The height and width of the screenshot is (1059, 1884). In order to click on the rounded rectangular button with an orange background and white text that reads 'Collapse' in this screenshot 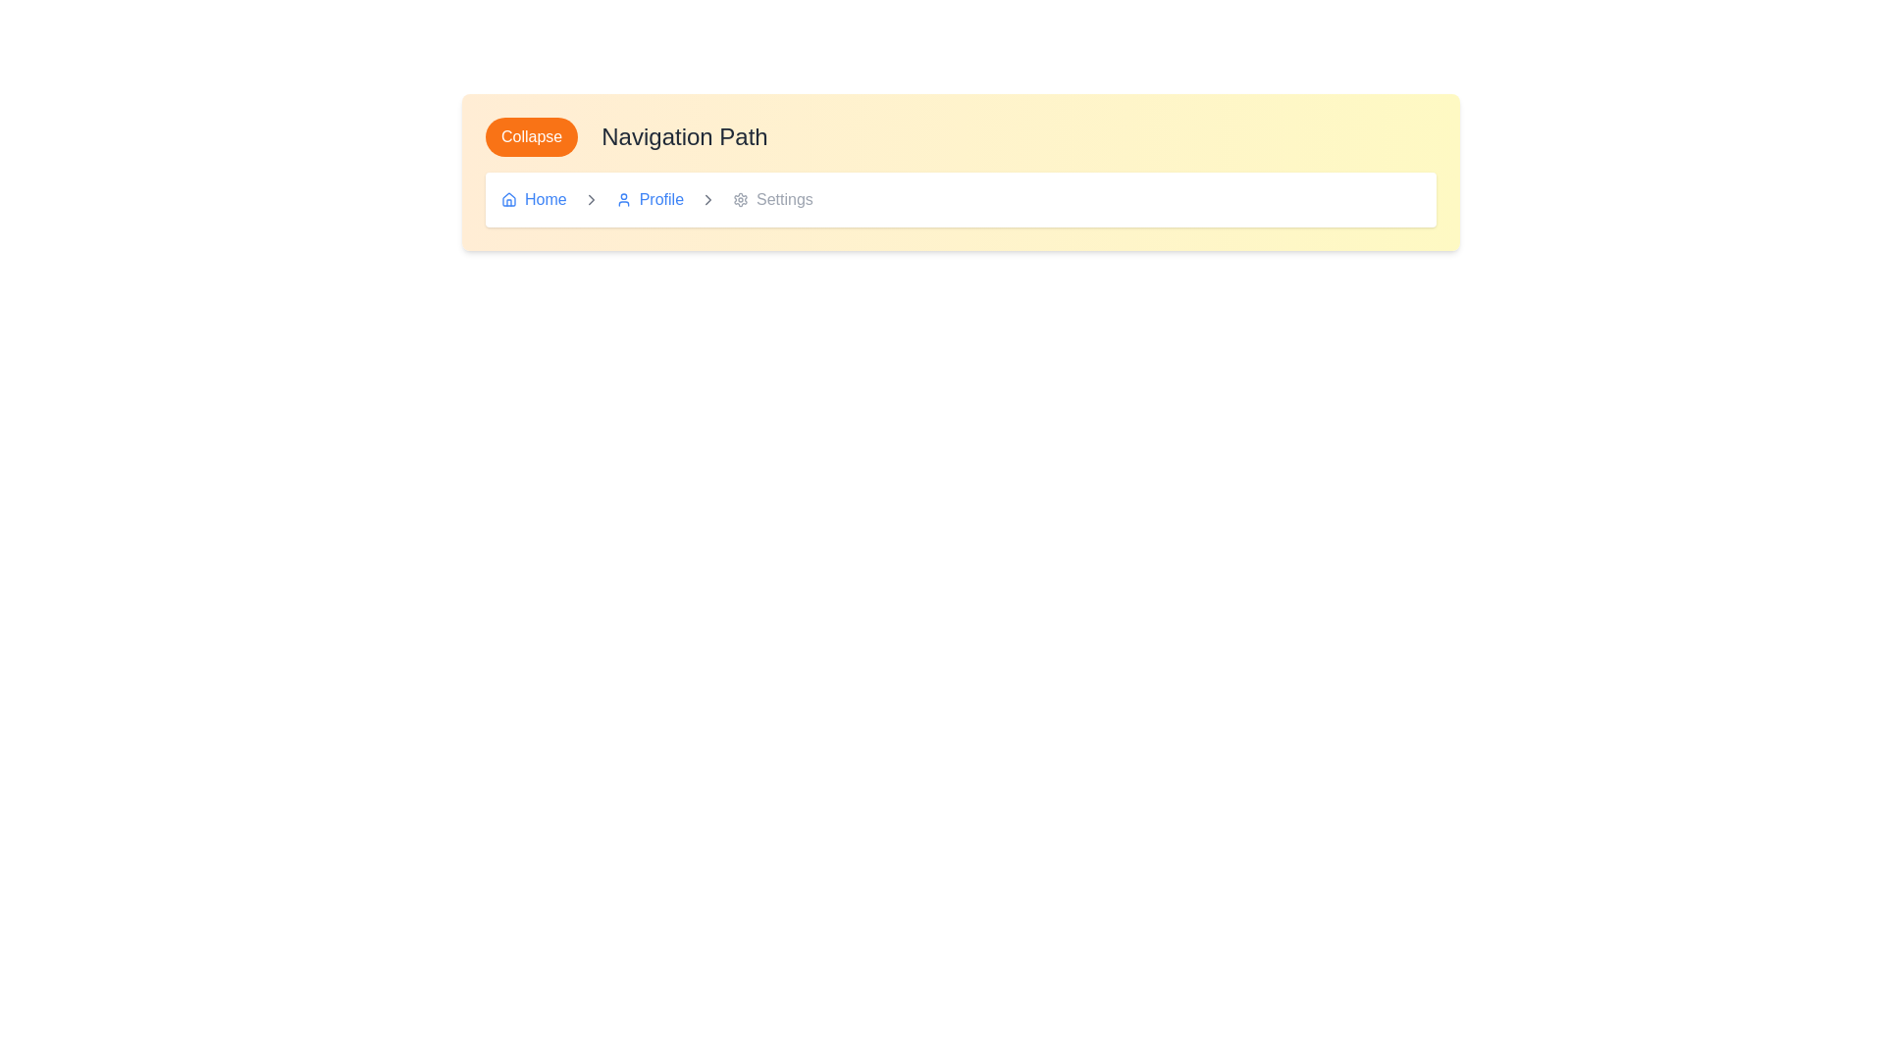, I will do `click(532, 135)`.